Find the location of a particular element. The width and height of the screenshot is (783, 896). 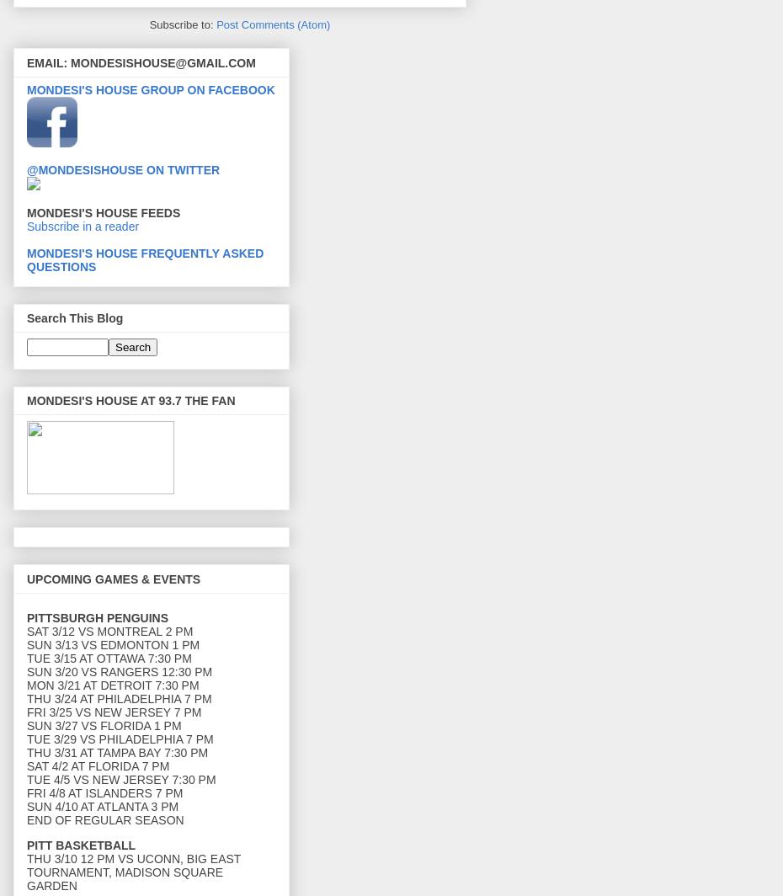

'SUN 4/10 AT ATLANTA 3 PM' is located at coordinates (25, 805).